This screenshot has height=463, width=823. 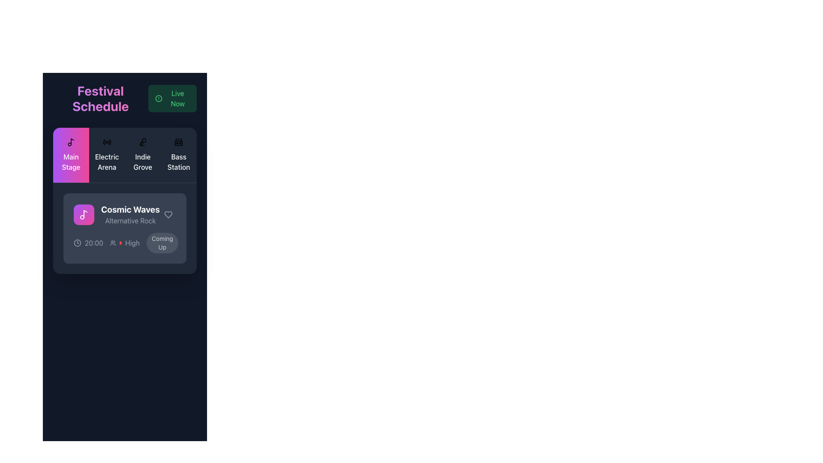 I want to click on the 'Bass Station' icon located in the top menu bar, which visually identifies the 'Bass Station' section of the interface, so click(x=178, y=141).